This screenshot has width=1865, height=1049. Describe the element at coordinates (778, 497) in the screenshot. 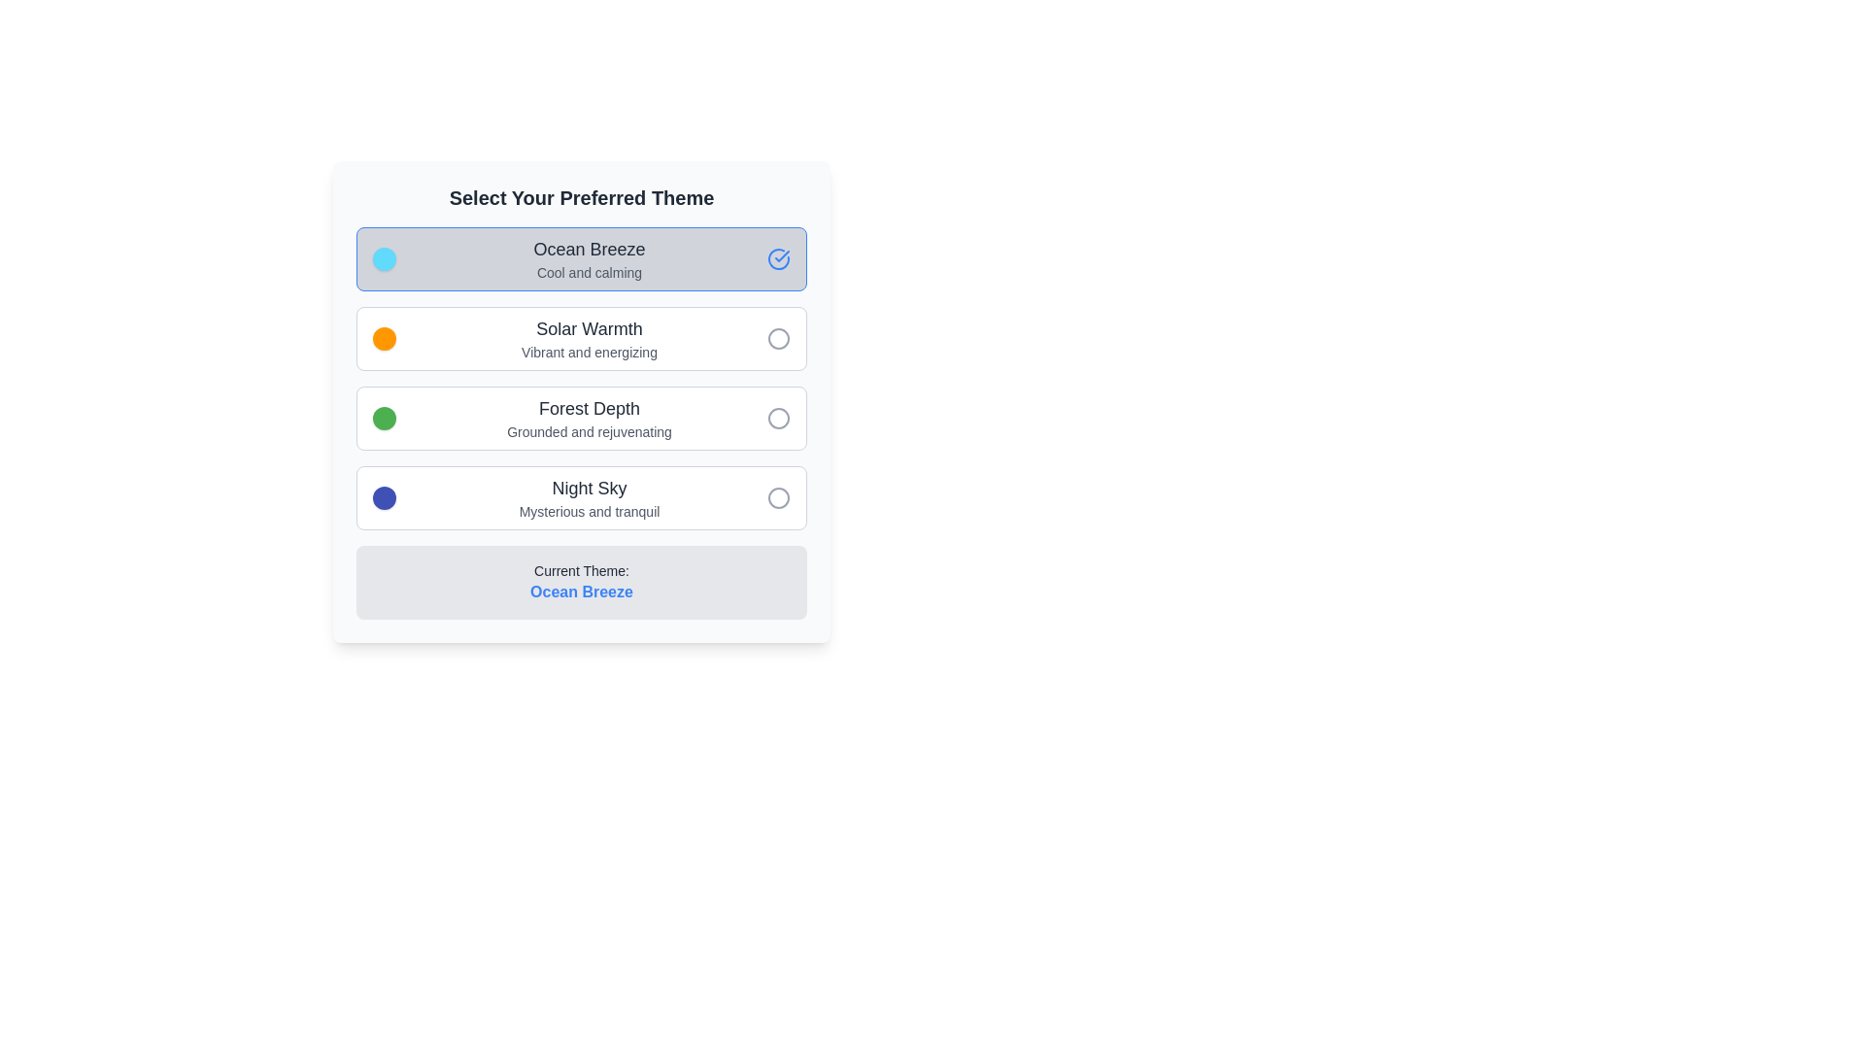

I see `the circular outline icon of the Radio button indicator` at that location.